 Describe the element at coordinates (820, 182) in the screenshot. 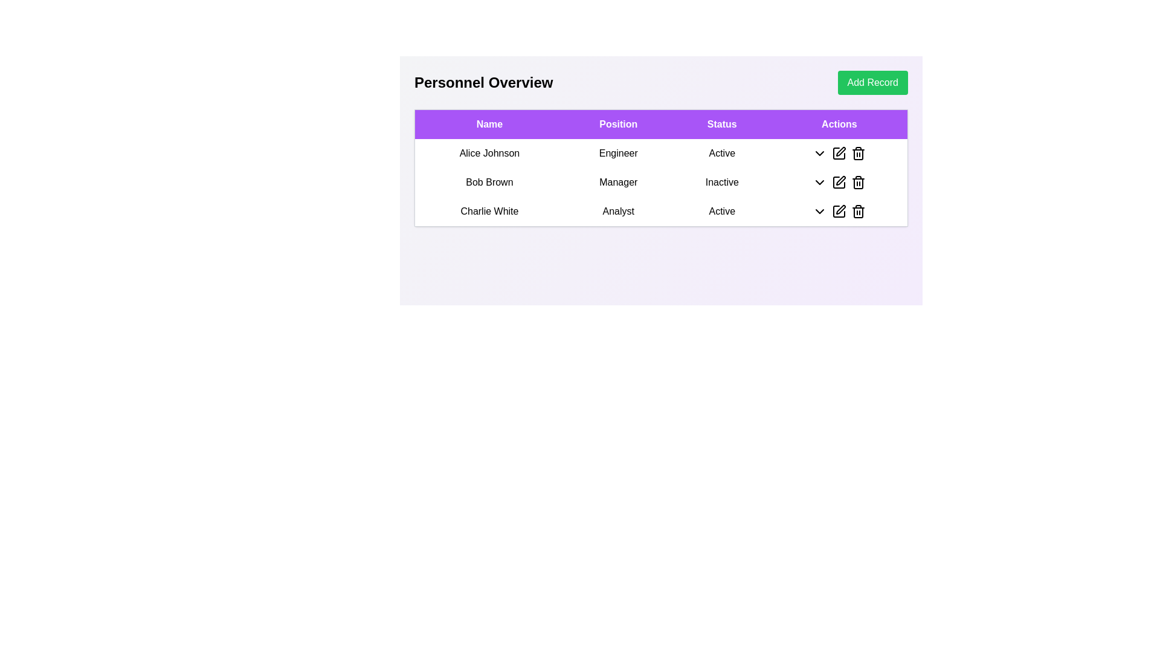

I see `the dropdown toggle button located in the second row of the 'Actions' column of the table` at that location.